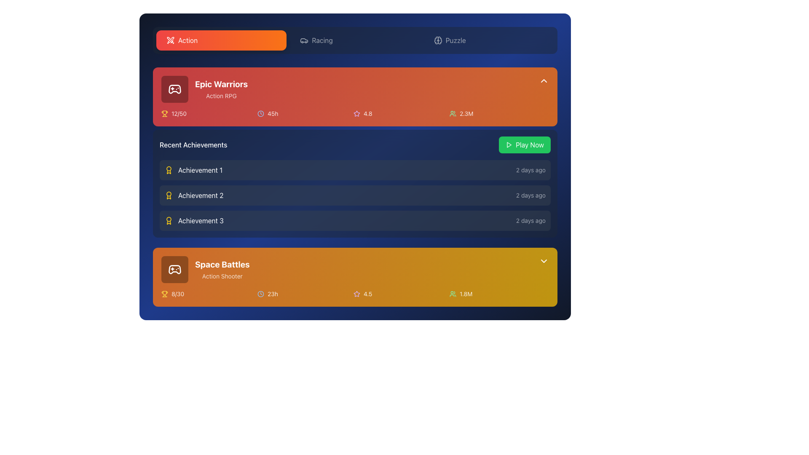 The width and height of the screenshot is (809, 455). What do you see at coordinates (453, 114) in the screenshot?
I see `the small green icon representing a group of users located adjacent to the numerical text value '2.3M' in the upper-right area of the 'Epic Warriors' section` at bounding box center [453, 114].